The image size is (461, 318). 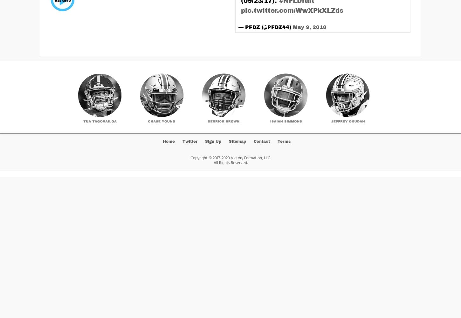 What do you see at coordinates (241, 10) in the screenshot?
I see `'pic.twitter.com/WwXPkXLZds'` at bounding box center [241, 10].